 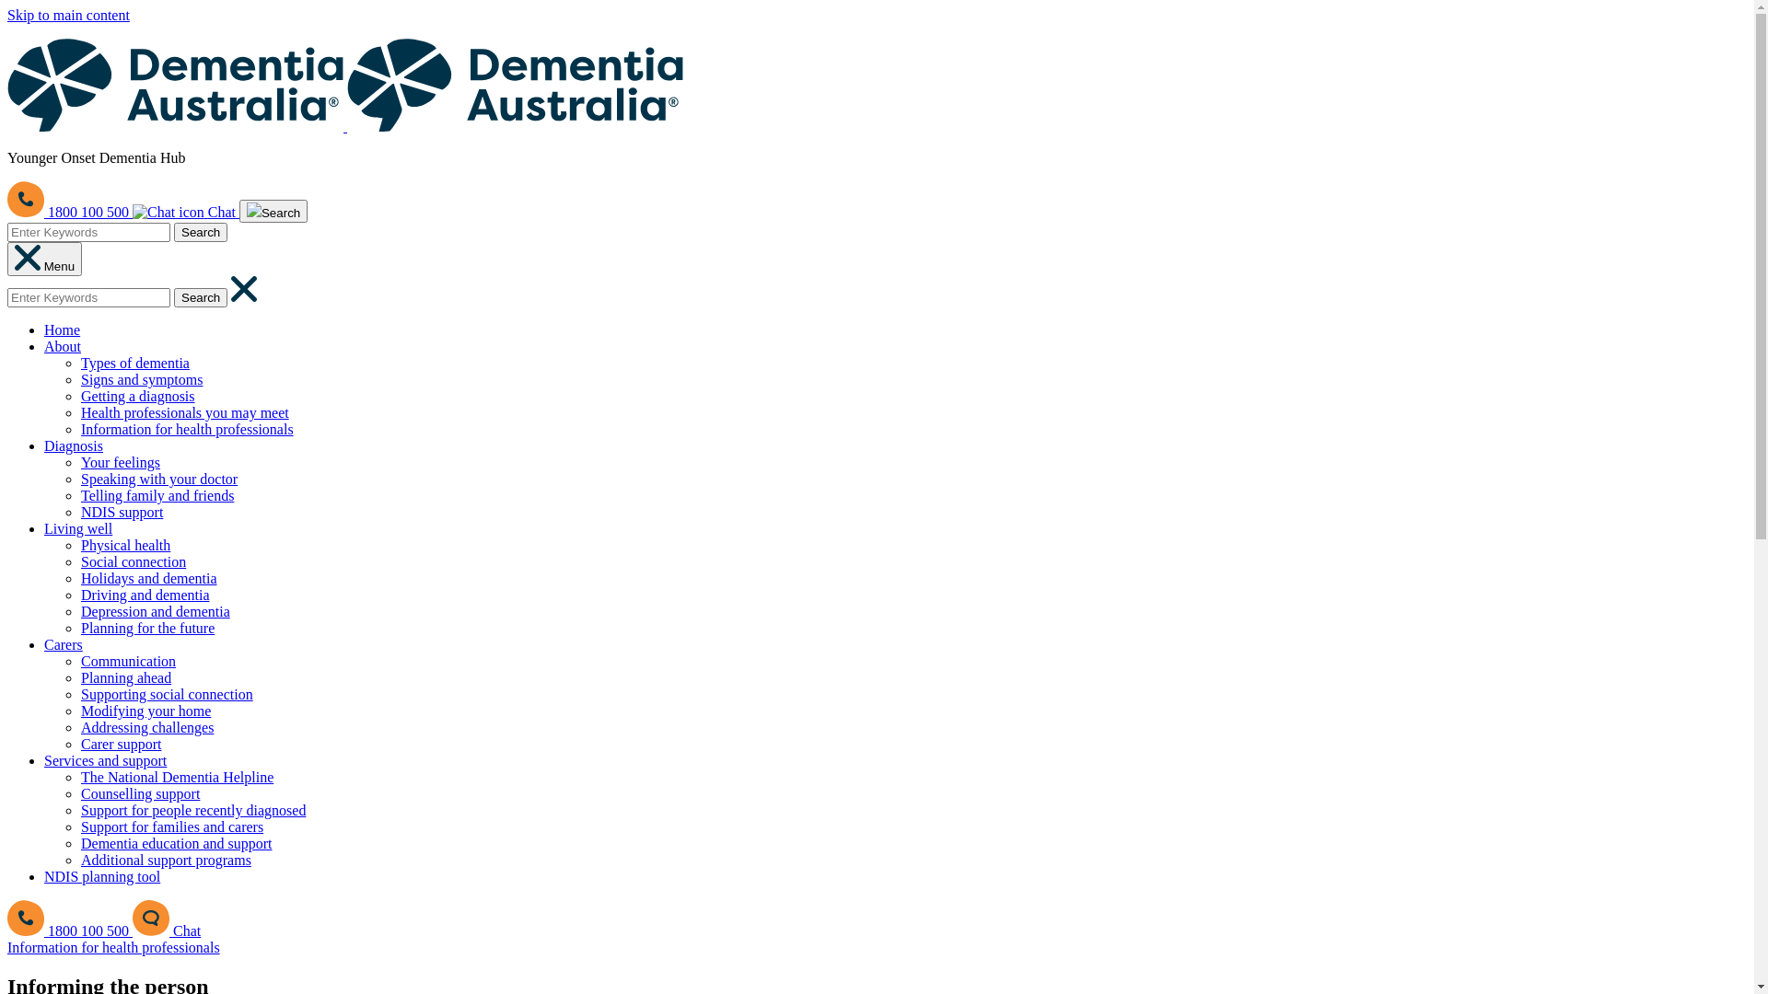 What do you see at coordinates (157, 494) in the screenshot?
I see `'Telling family and friends'` at bounding box center [157, 494].